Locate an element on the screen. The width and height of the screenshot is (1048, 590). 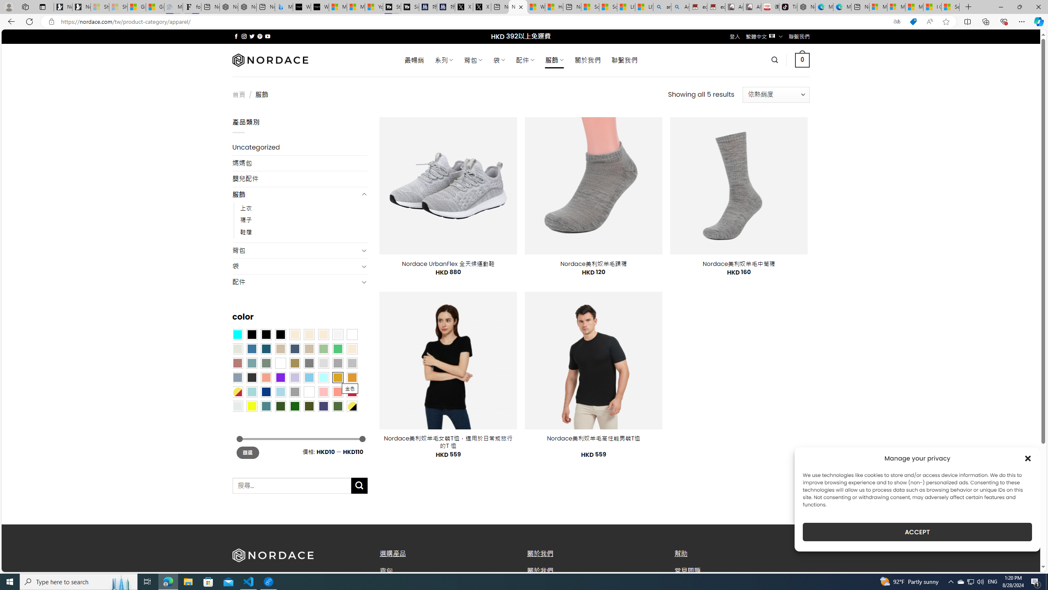
'Show translate options' is located at coordinates (897, 22).